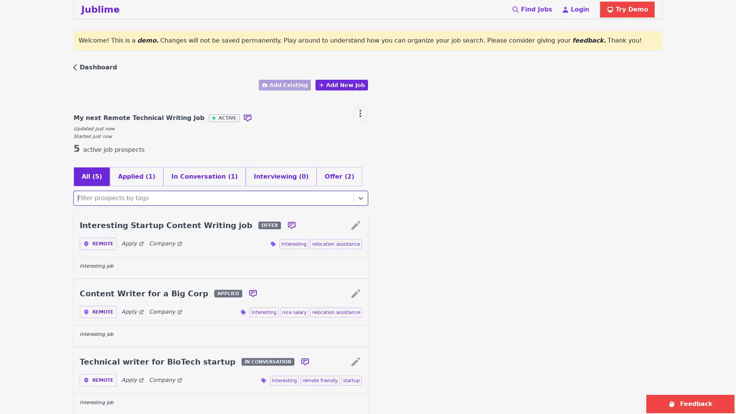 This screenshot has height=414, width=736. What do you see at coordinates (531, 9) in the screenshot?
I see `Find Jobs` at bounding box center [531, 9].